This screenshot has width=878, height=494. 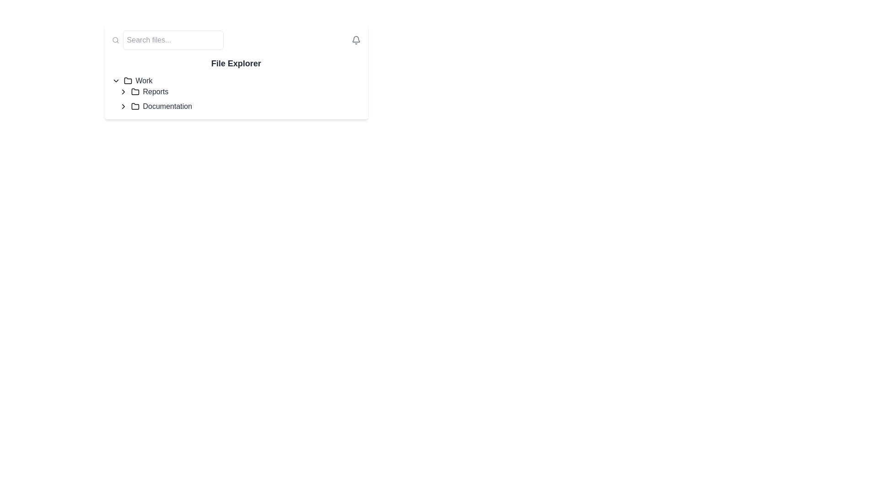 What do you see at coordinates (115, 81) in the screenshot?
I see `the downward-pointing chevron icon located to the left of the 'Work' label in the 'File Explorer' section` at bounding box center [115, 81].